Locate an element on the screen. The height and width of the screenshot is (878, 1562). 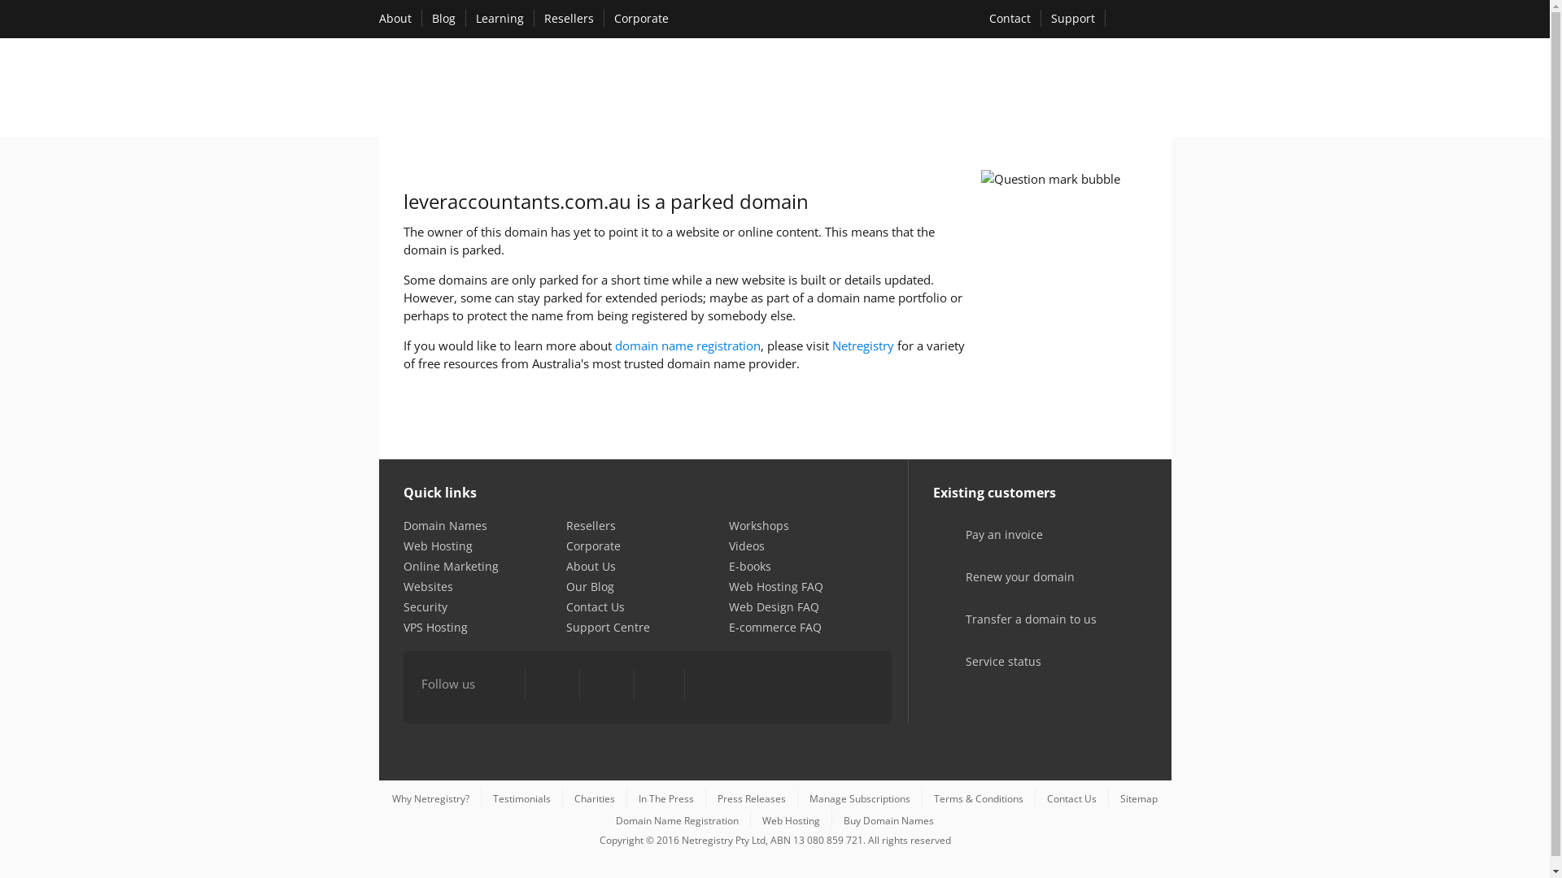
'VPS Hosting' is located at coordinates (435, 626).